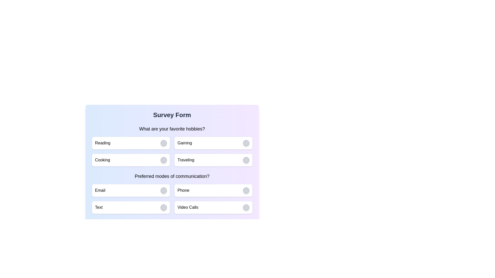 The height and width of the screenshot is (278, 495). I want to click on the 'Traveling' selectable preference option in the second row and second column of the grid layout, so click(213, 160).